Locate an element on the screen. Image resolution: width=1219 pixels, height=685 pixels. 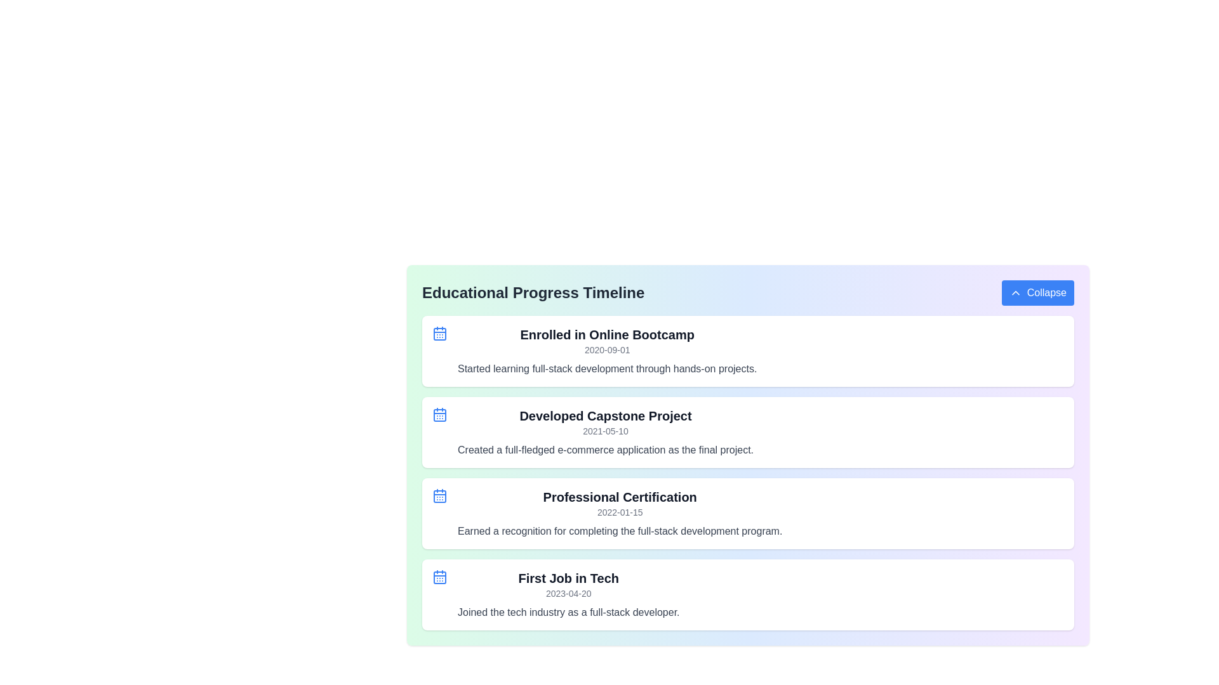
the blue calendar icon in the third entry of the 'Educational Progress Timeline', located to the left of 'Professional Certification' is located at coordinates (439, 495).